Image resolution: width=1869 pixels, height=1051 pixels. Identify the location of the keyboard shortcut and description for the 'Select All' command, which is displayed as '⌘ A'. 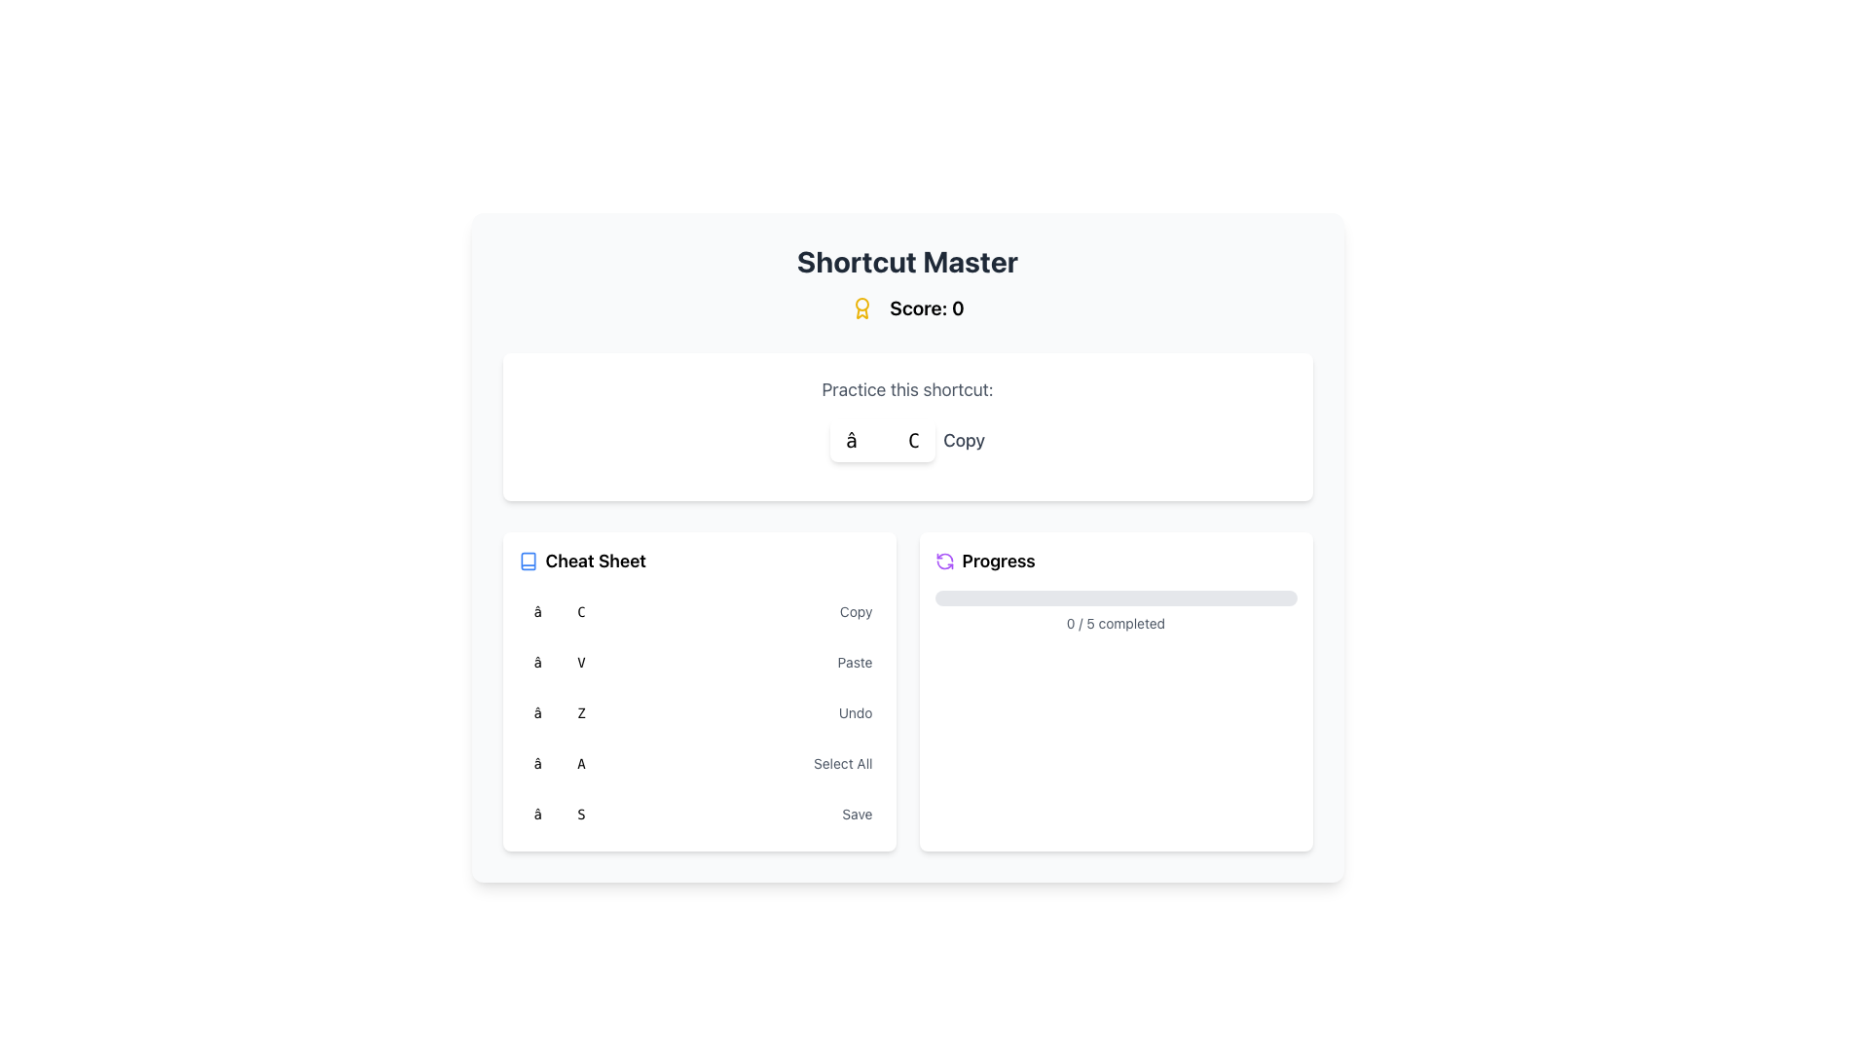
(699, 763).